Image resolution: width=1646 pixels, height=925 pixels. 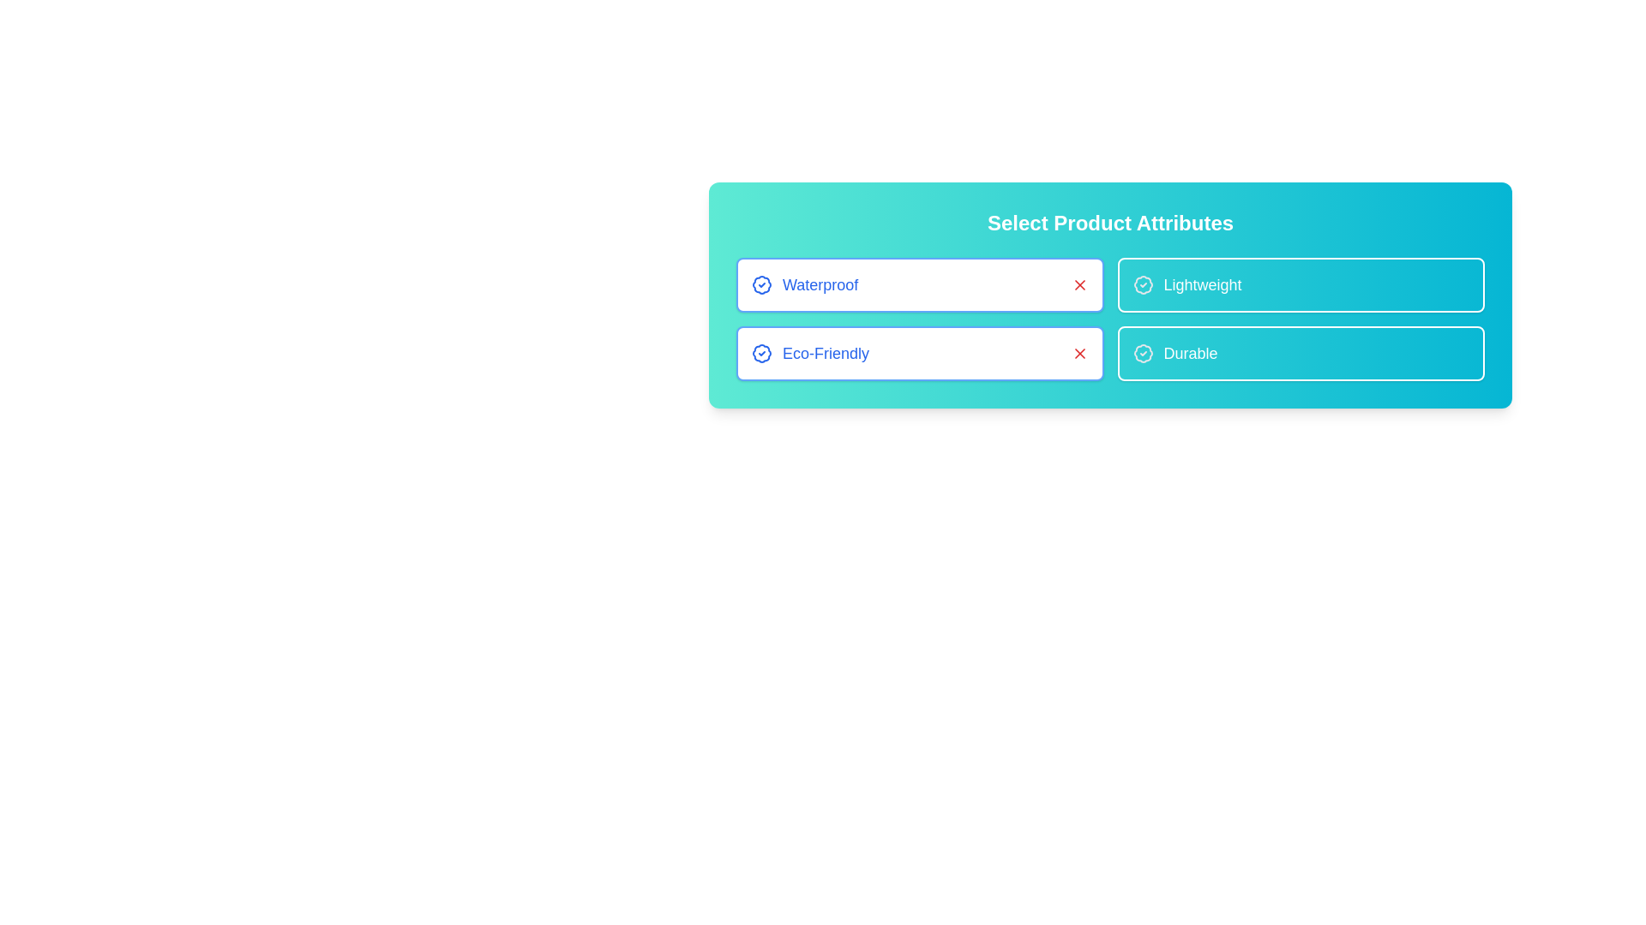 I want to click on the 'X' icon associated with the attribute Eco-Friendly to deactivate it, so click(x=1078, y=352).